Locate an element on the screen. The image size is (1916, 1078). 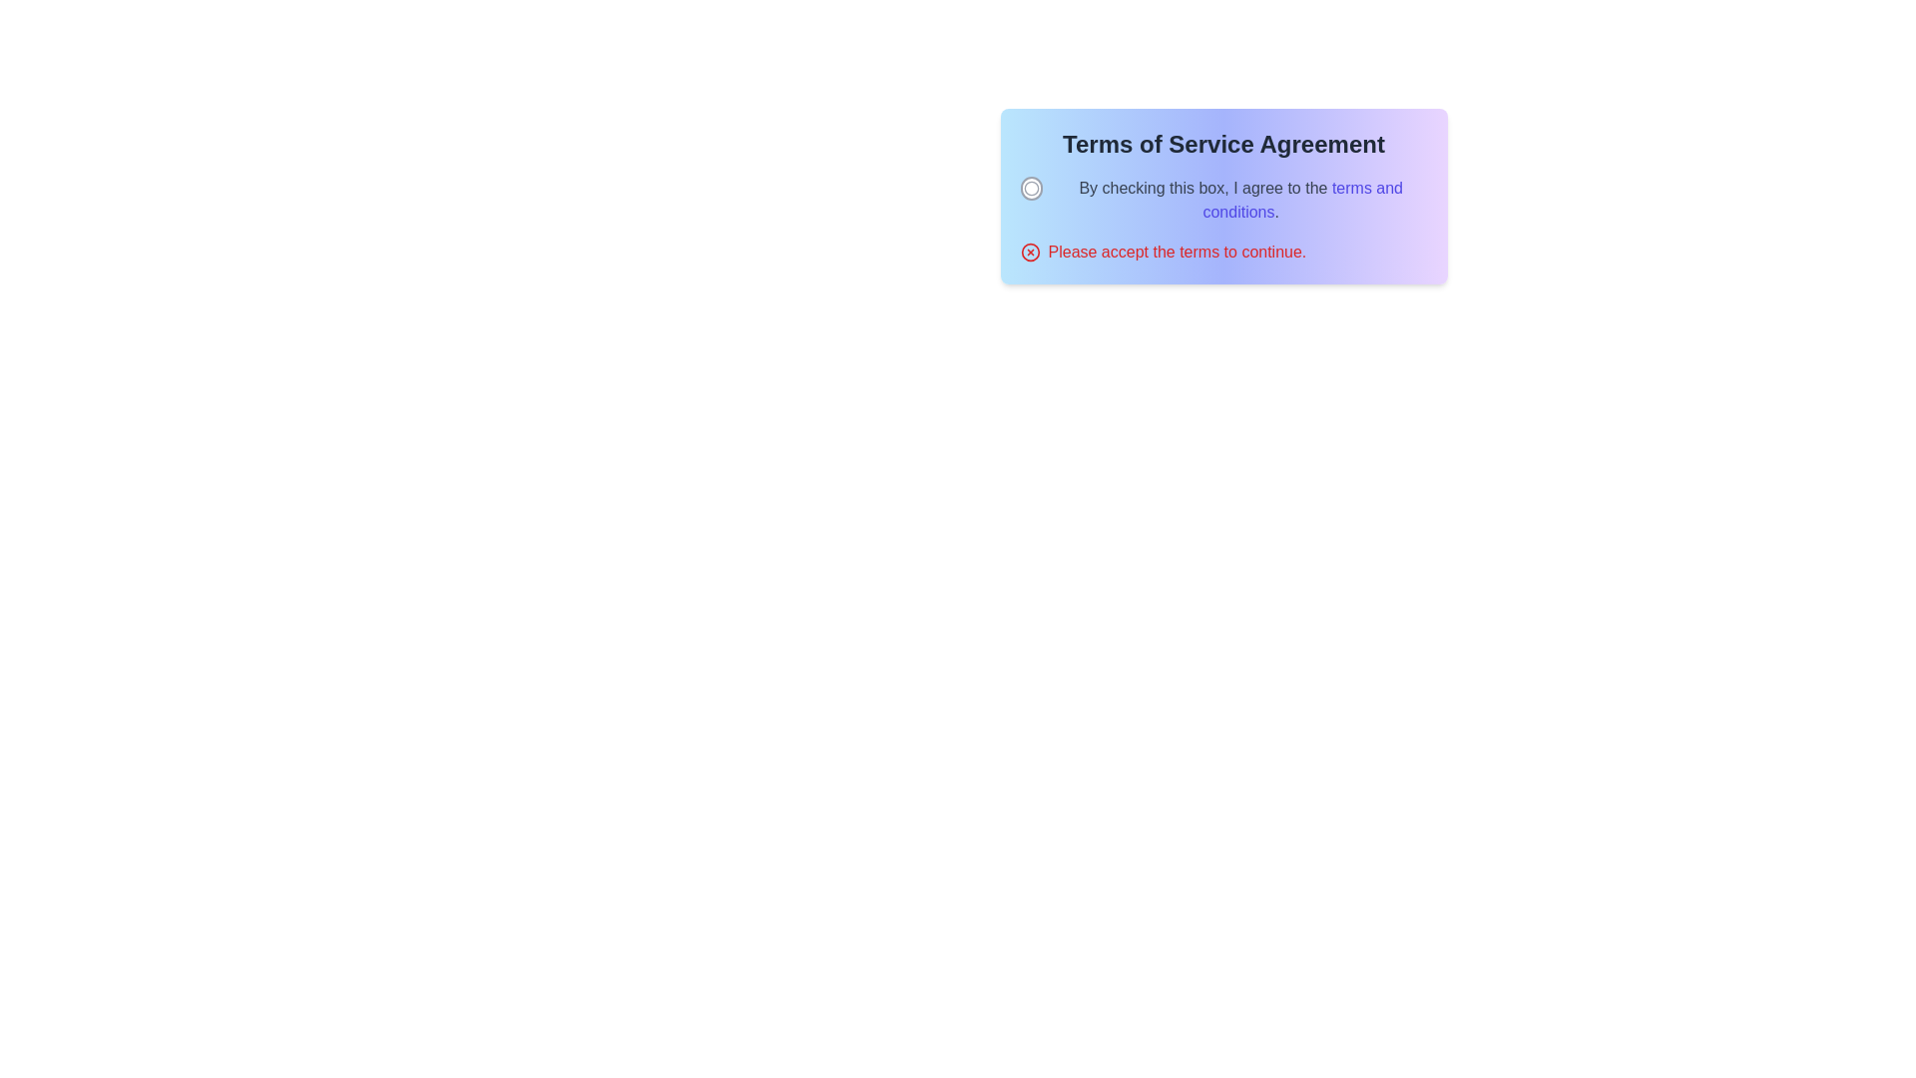
the checkbox is located at coordinates (1222, 200).